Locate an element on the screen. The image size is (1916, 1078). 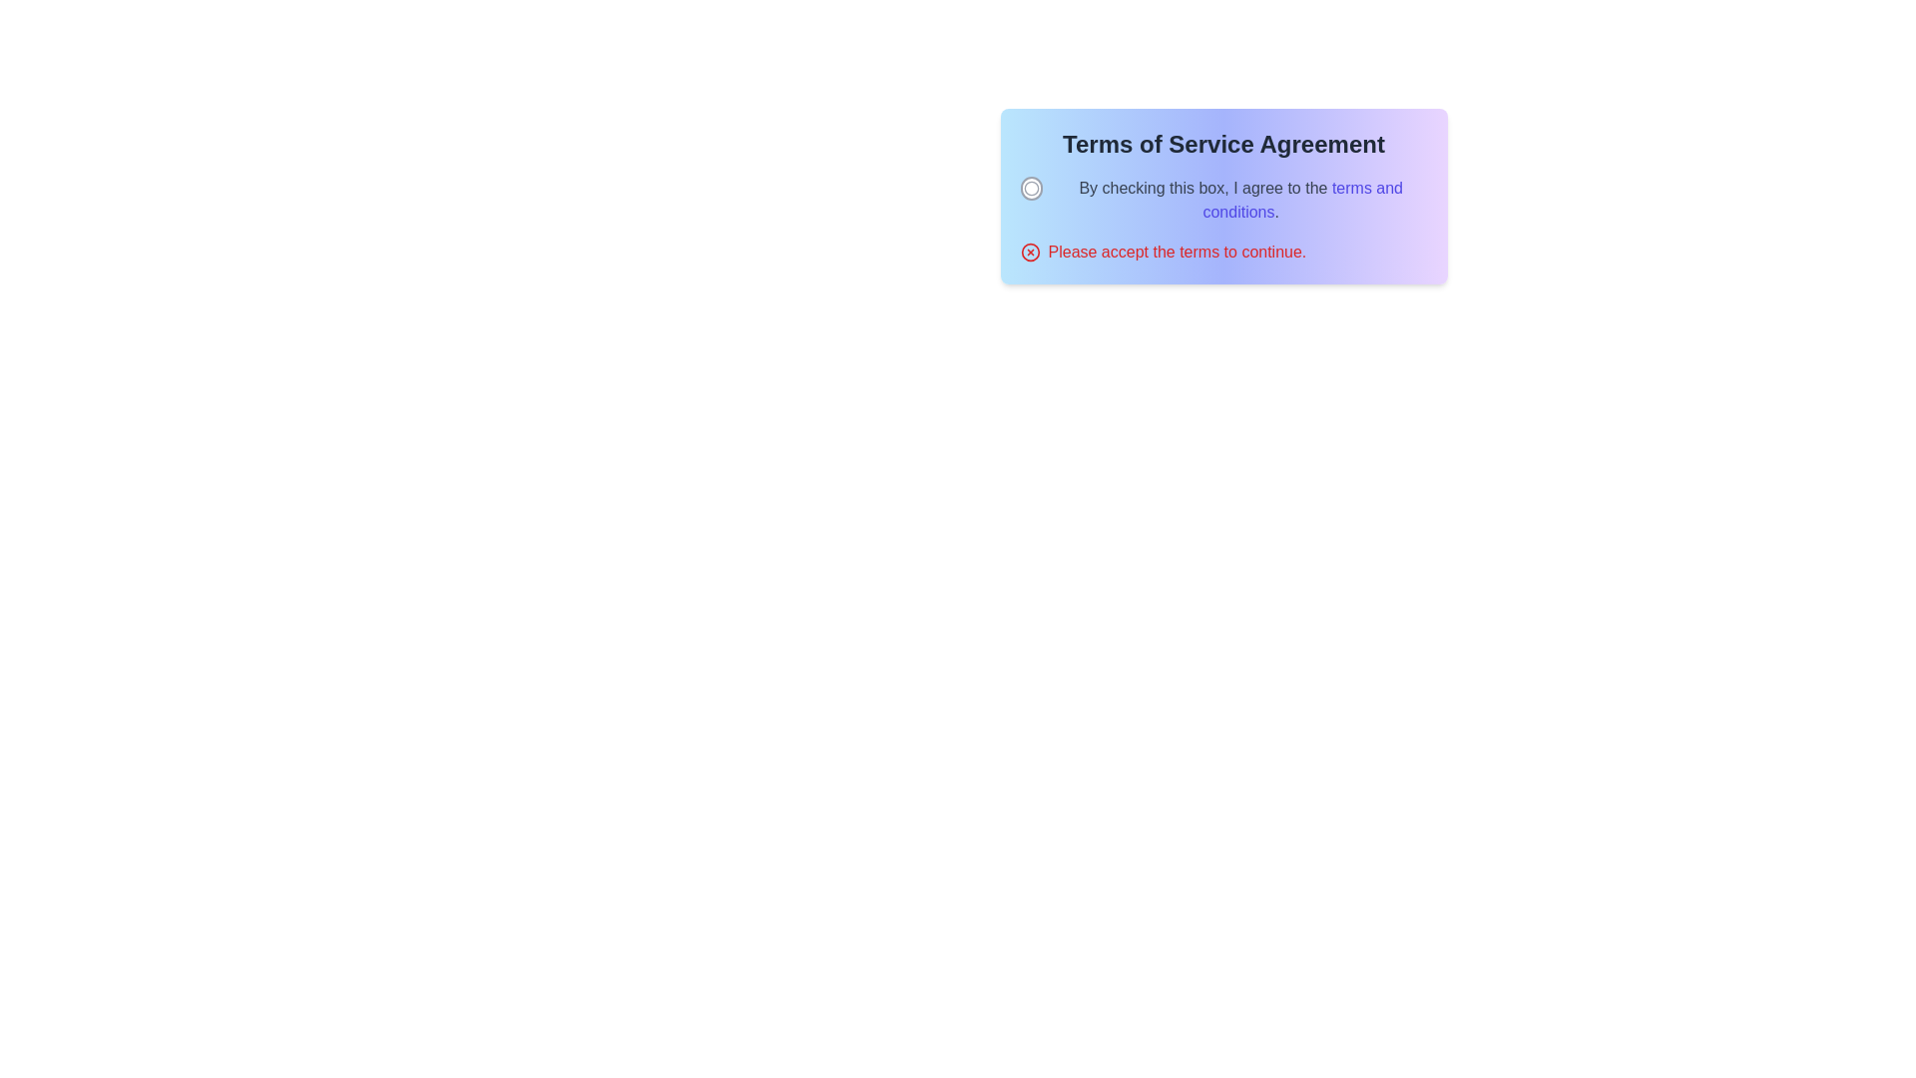
the checkbox is located at coordinates (1222, 200).